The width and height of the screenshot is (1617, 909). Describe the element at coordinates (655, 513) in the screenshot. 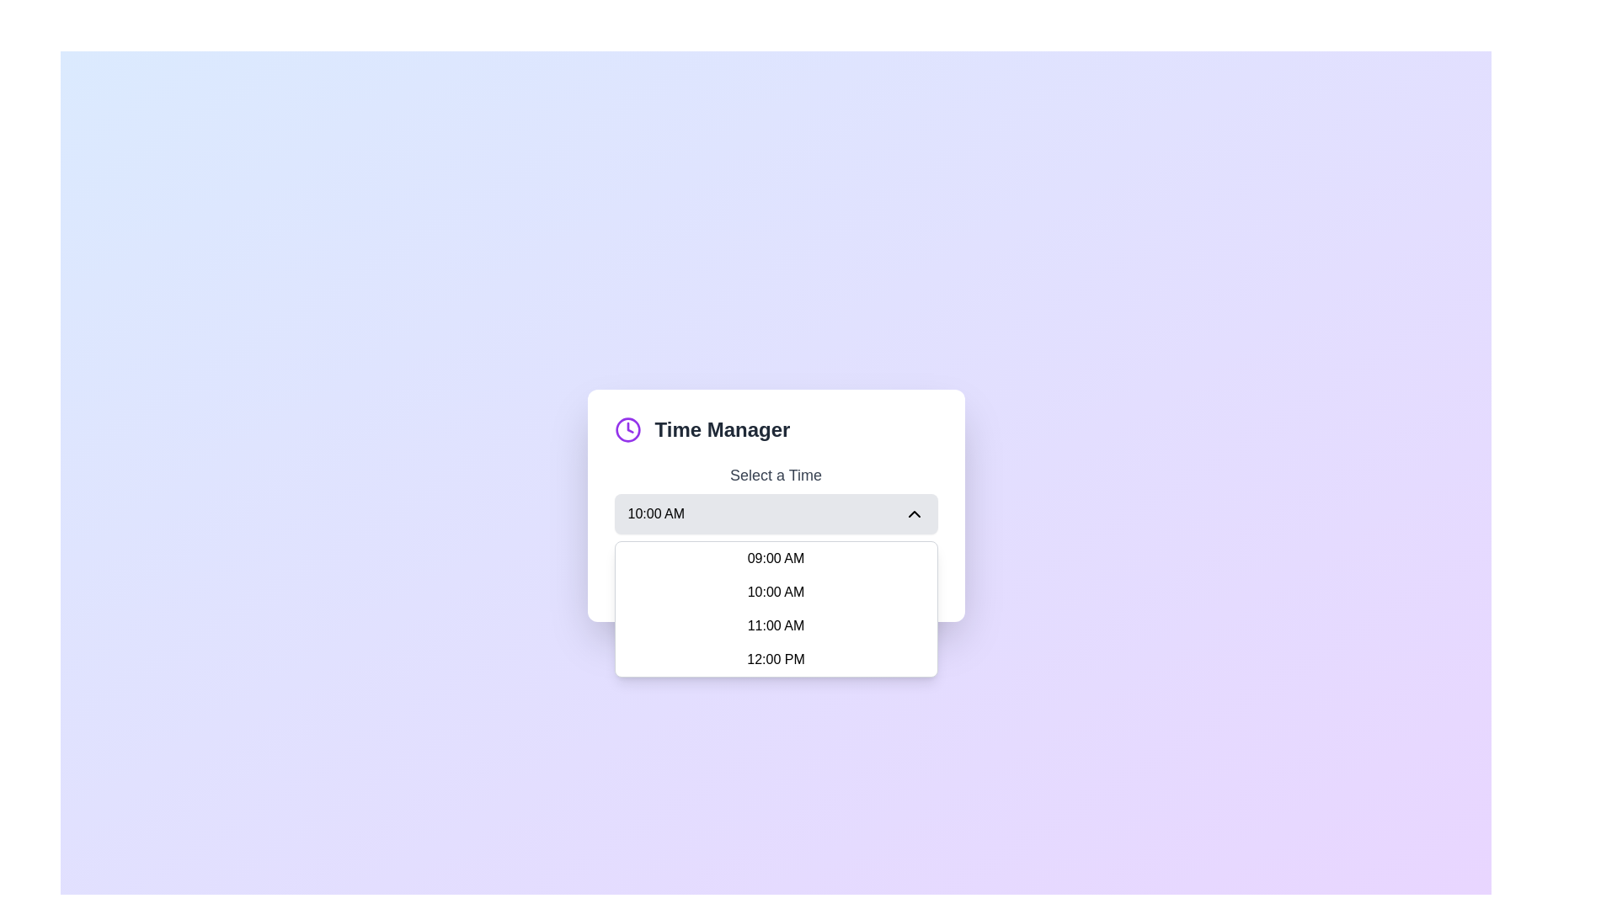

I see `time displayed in the text label indicating the currently selected time within the dropdown menu located below the 'Select a Time' label` at that location.